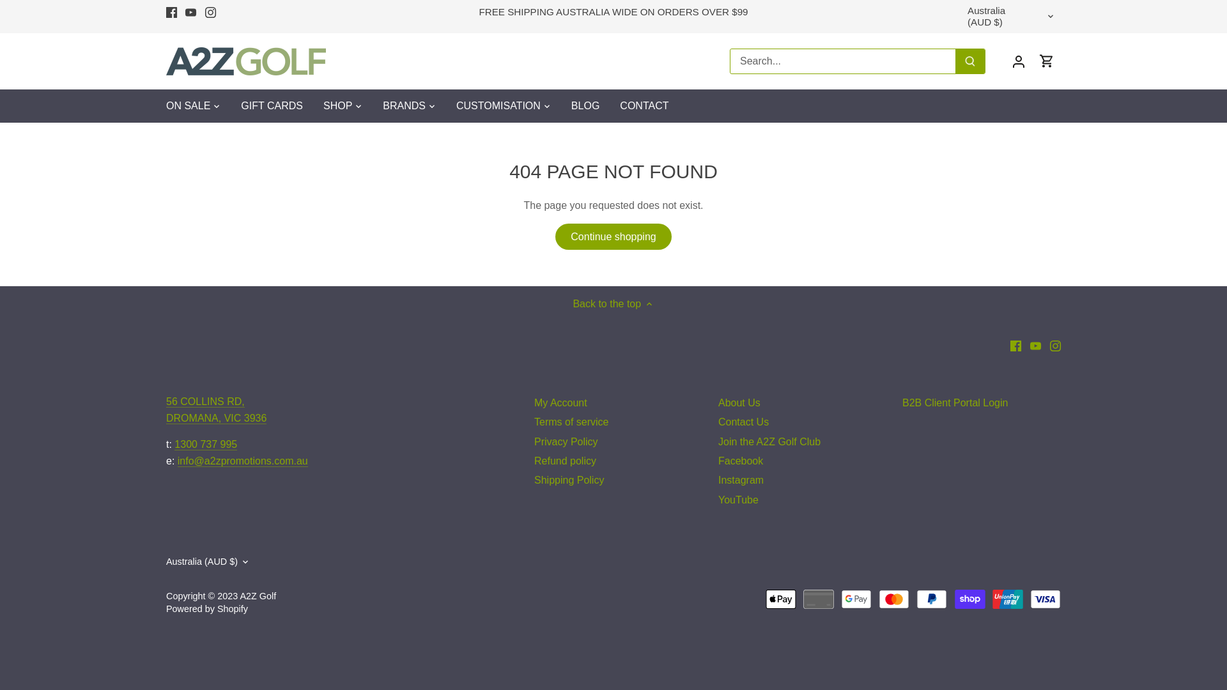 This screenshot has height=690, width=1227. I want to click on 'Powered by Shopify', so click(207, 608).